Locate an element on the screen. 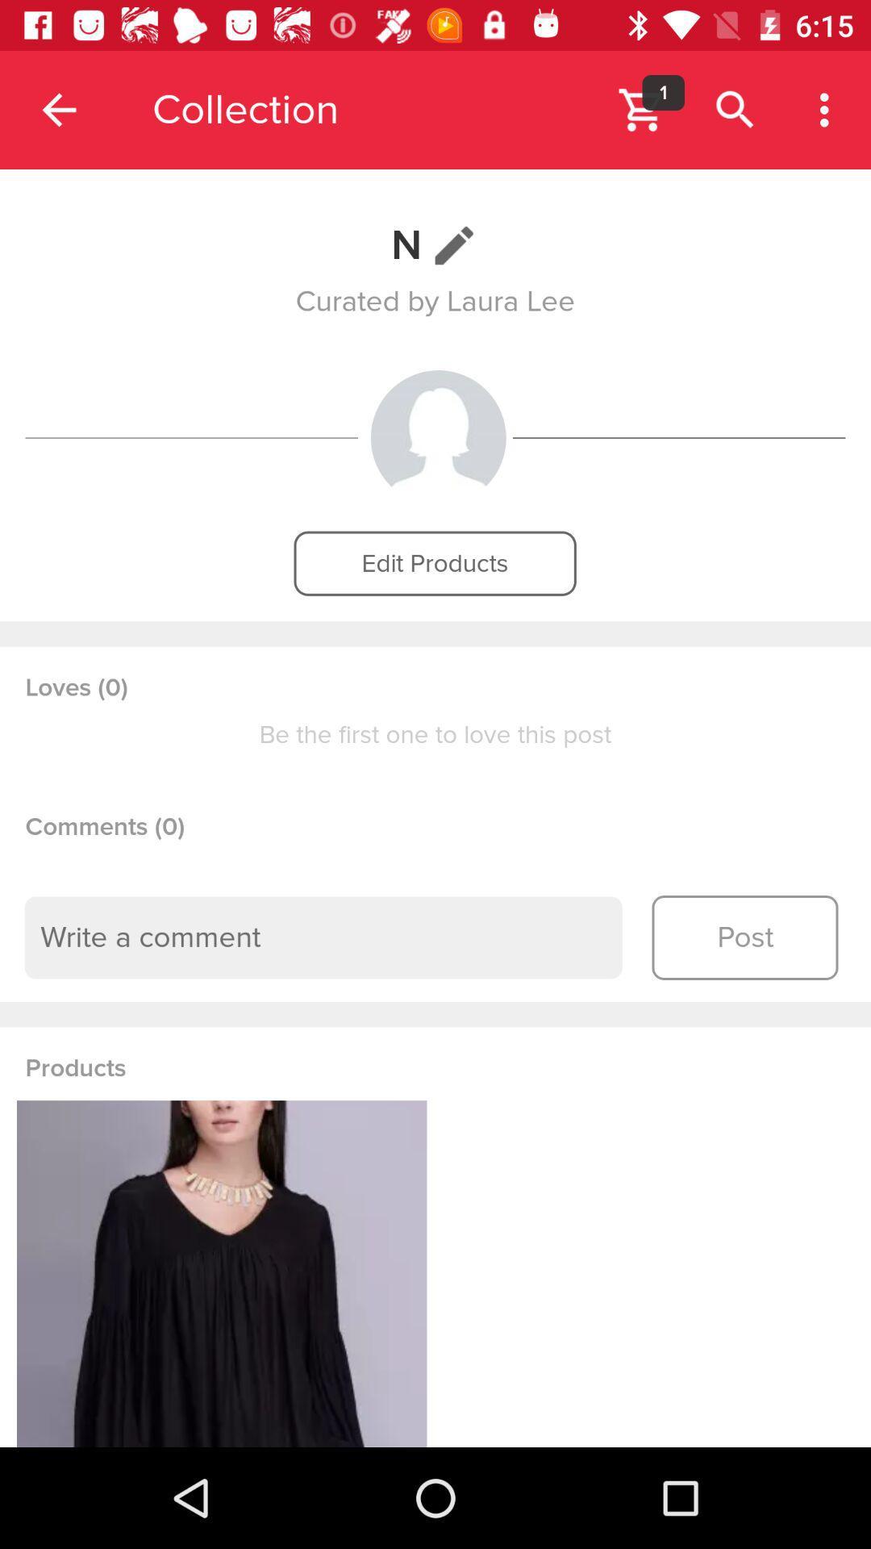 Image resolution: width=871 pixels, height=1549 pixels. 1 is located at coordinates (663, 92).